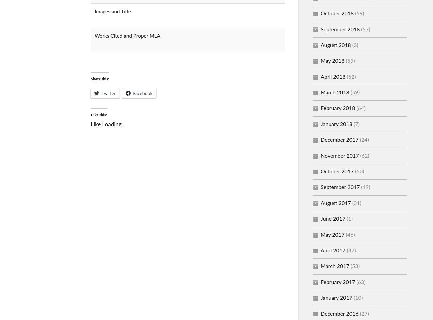 The height and width of the screenshot is (320, 433). What do you see at coordinates (354, 44) in the screenshot?
I see `'(3)'` at bounding box center [354, 44].